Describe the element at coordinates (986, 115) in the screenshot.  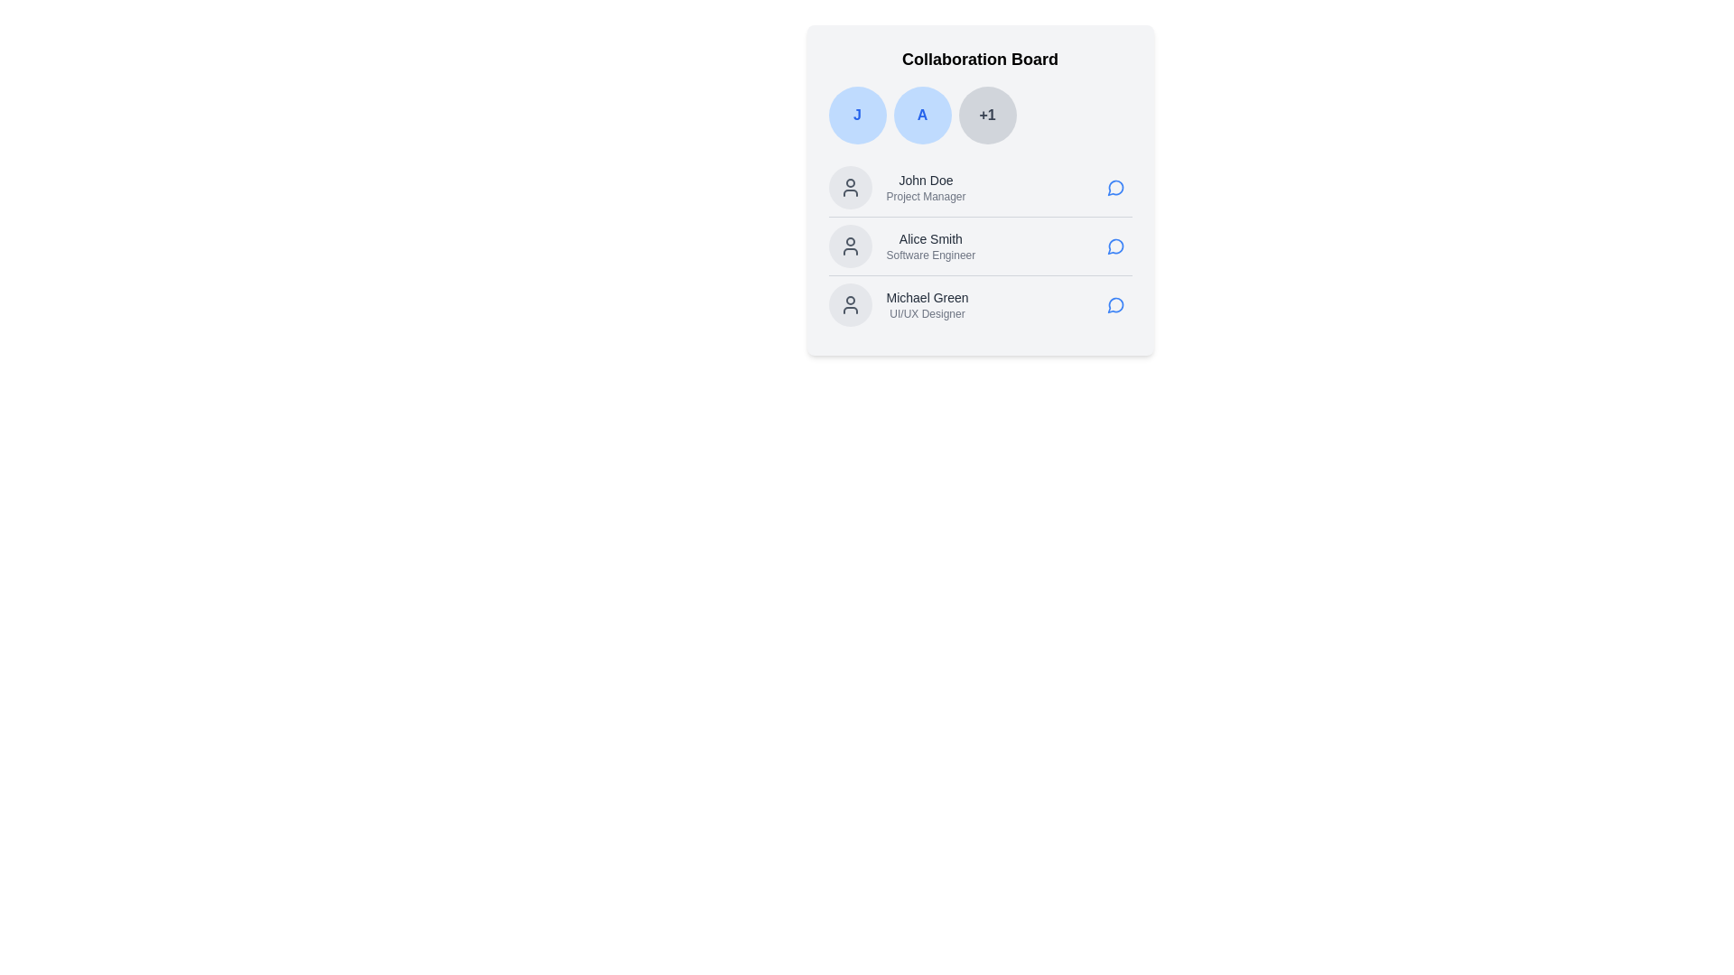
I see `the circular badge counter displaying '+1' with a light gray background, located in the Collaboration Board section, positioned as the third element in a row with other circular elements` at that location.